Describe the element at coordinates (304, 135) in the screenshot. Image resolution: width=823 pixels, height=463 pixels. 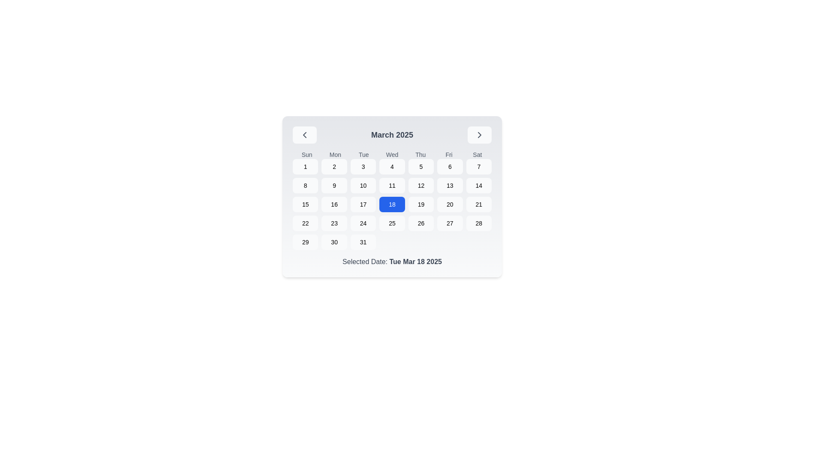
I see `the chevron left icon within the navigation button at the top-left corner of the calendar interface` at that location.